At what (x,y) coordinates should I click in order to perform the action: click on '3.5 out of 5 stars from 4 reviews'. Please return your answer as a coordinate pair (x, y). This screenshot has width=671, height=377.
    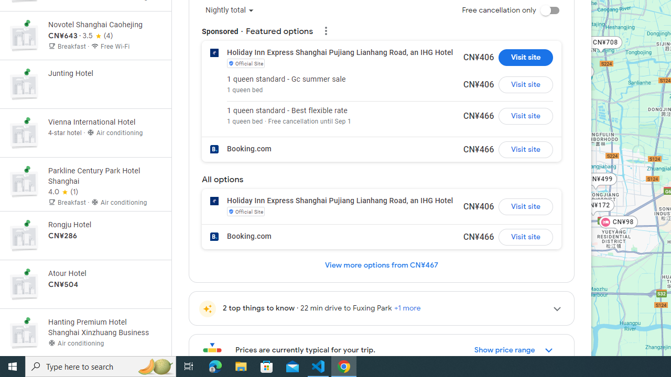
    Looking at the image, I should click on (98, 36).